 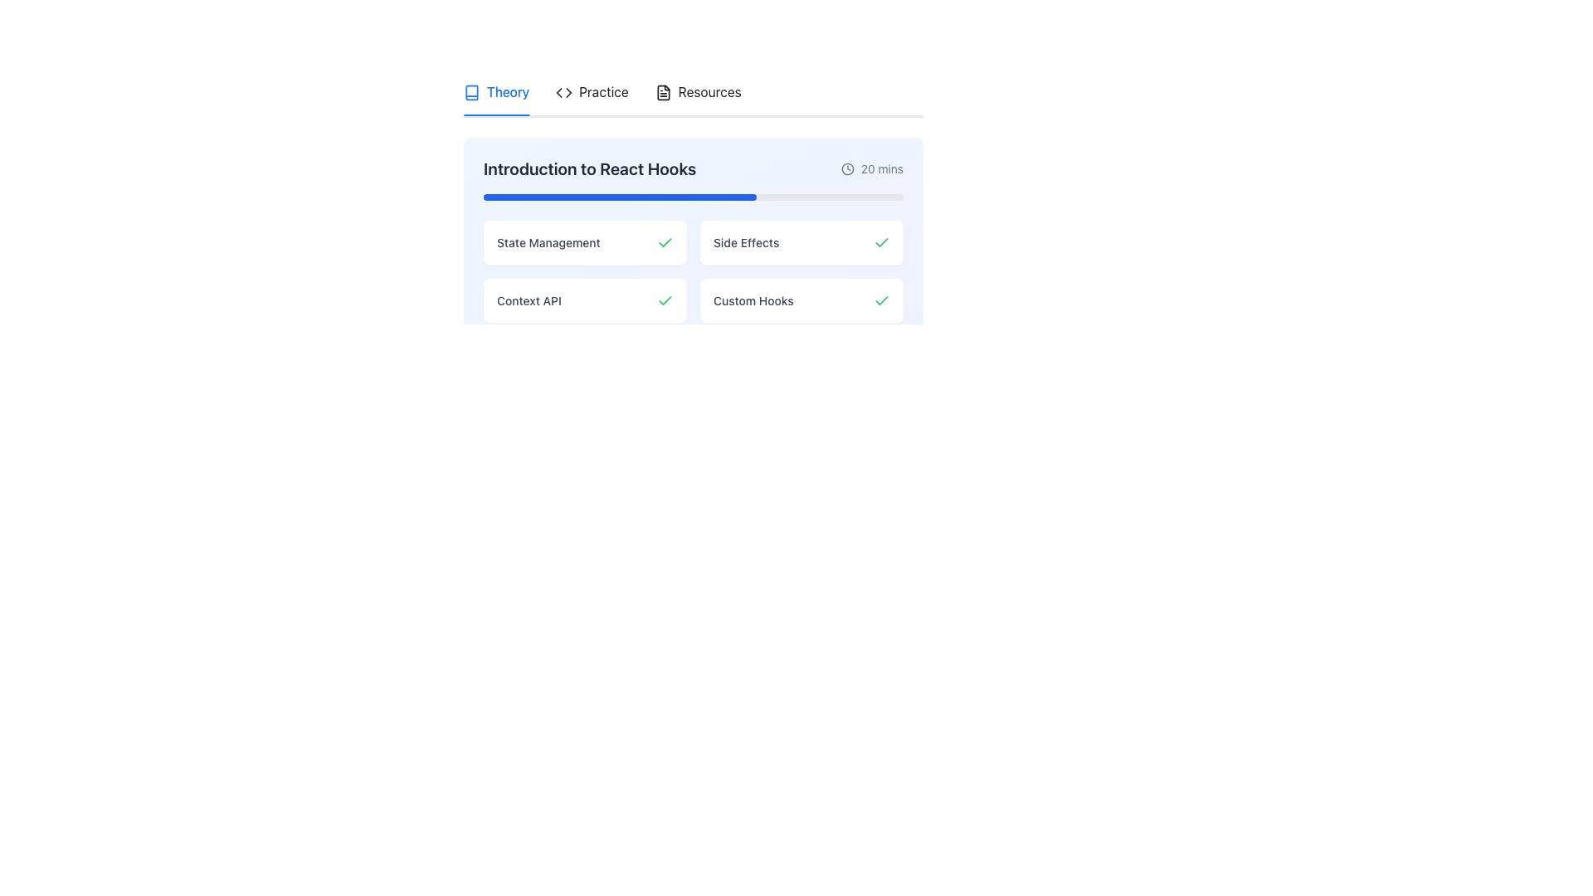 What do you see at coordinates (698, 92) in the screenshot?
I see `the 'Resources' tab, which is the third item in the horizontal navigation bar` at bounding box center [698, 92].